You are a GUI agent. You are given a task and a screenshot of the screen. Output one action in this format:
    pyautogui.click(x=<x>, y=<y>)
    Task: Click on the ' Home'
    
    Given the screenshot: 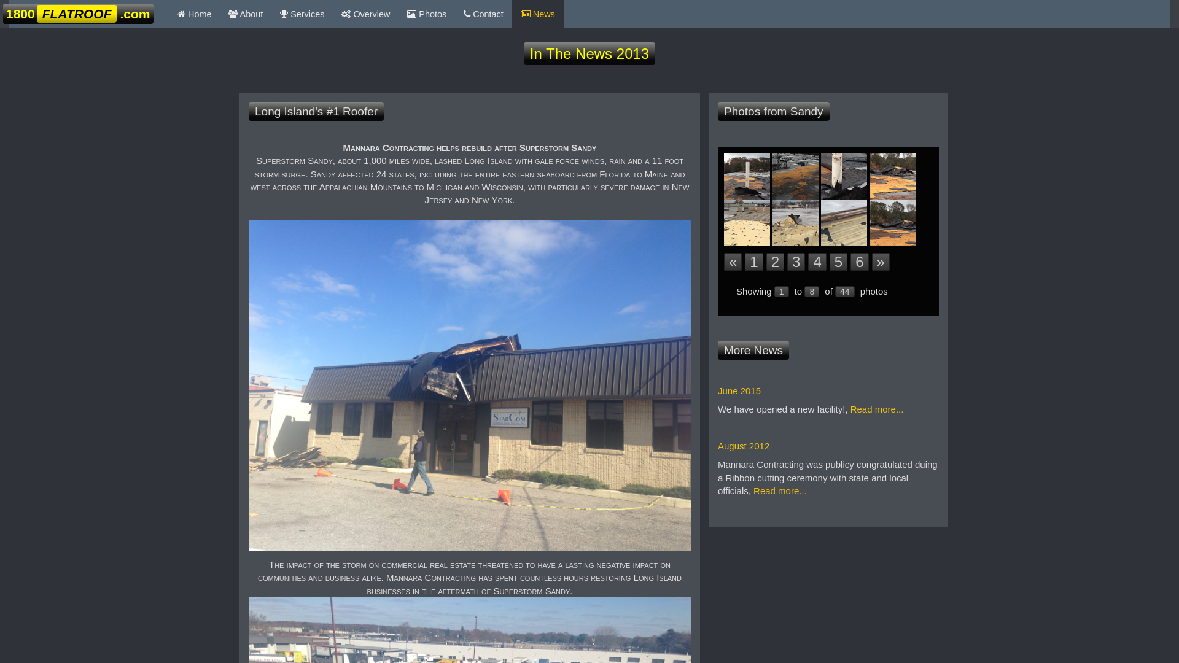 What is the action you would take?
    pyautogui.click(x=193, y=14)
    